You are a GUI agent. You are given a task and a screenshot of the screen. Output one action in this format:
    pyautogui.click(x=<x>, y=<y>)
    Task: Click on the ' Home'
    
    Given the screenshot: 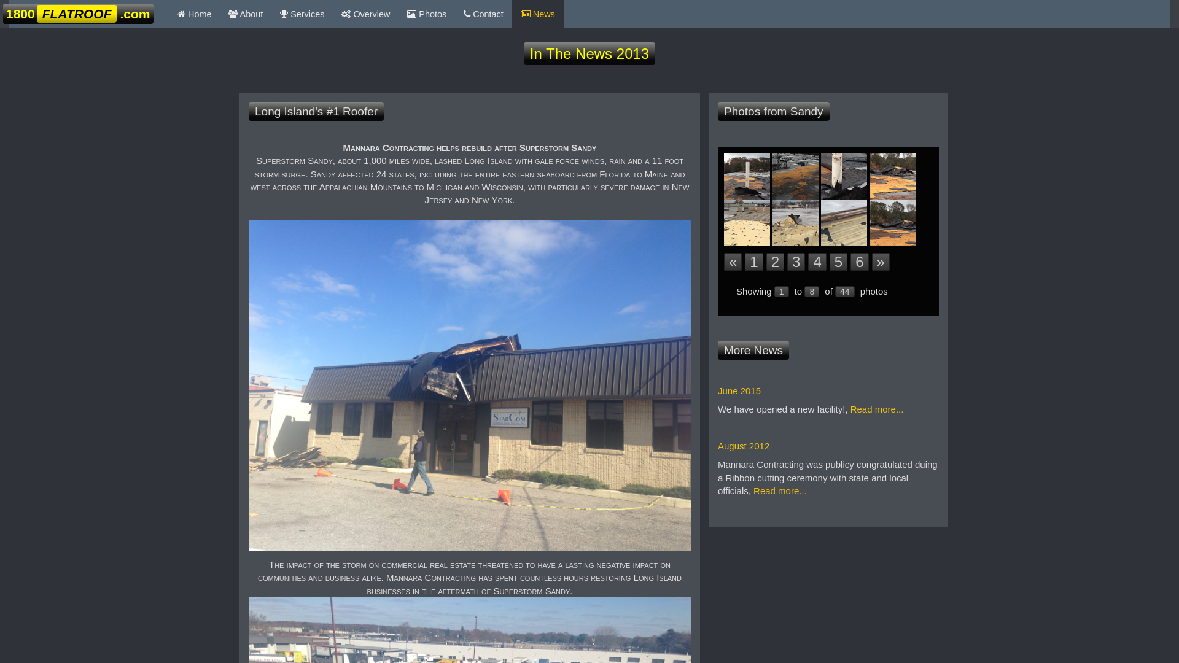 What is the action you would take?
    pyautogui.click(x=193, y=14)
    